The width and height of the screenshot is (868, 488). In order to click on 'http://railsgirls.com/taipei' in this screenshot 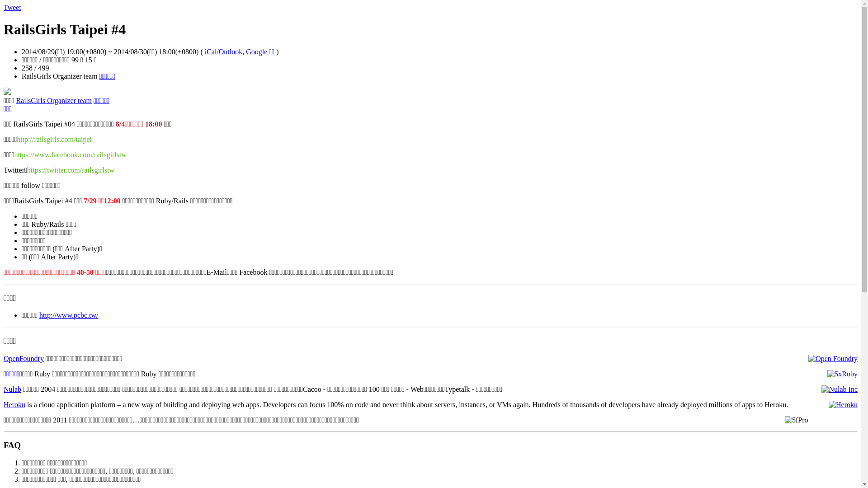, I will do `click(17, 139)`.